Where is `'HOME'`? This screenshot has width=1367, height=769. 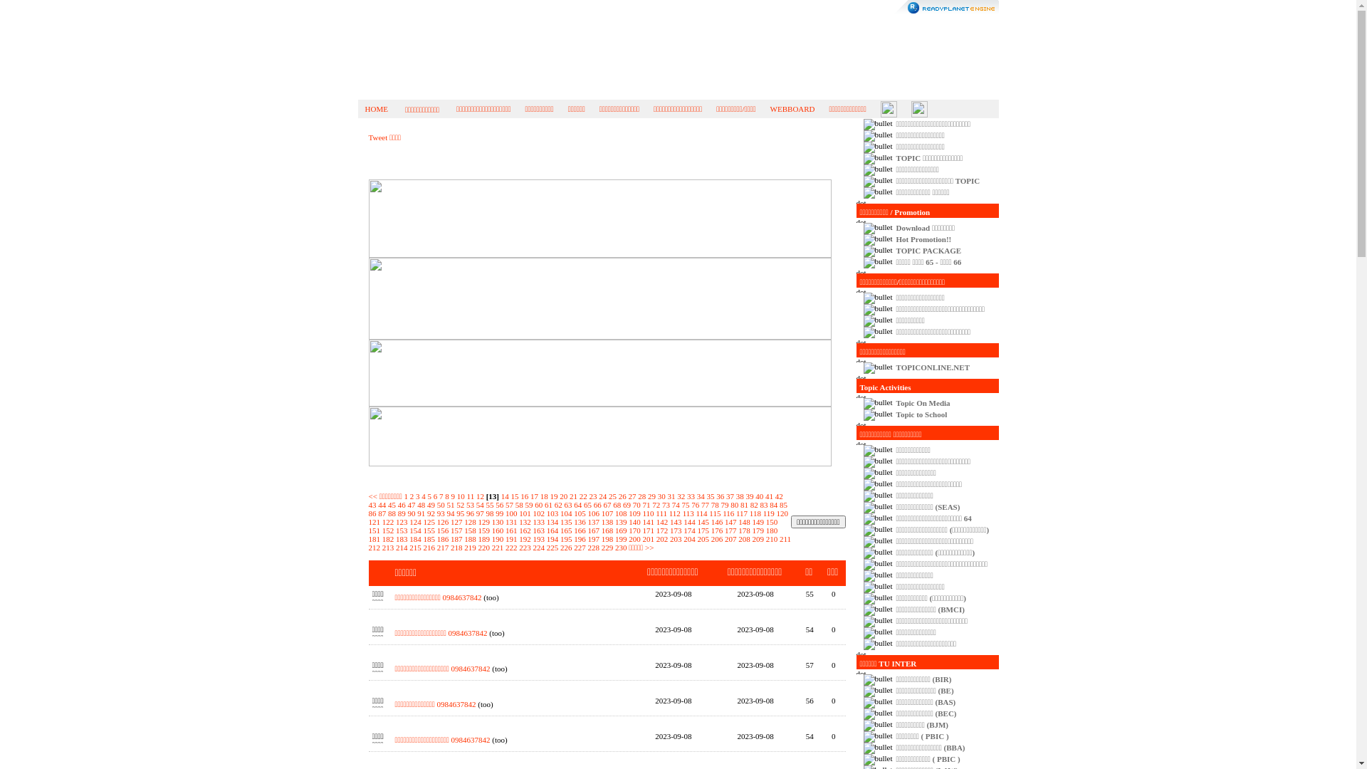
'HOME' is located at coordinates (376, 108).